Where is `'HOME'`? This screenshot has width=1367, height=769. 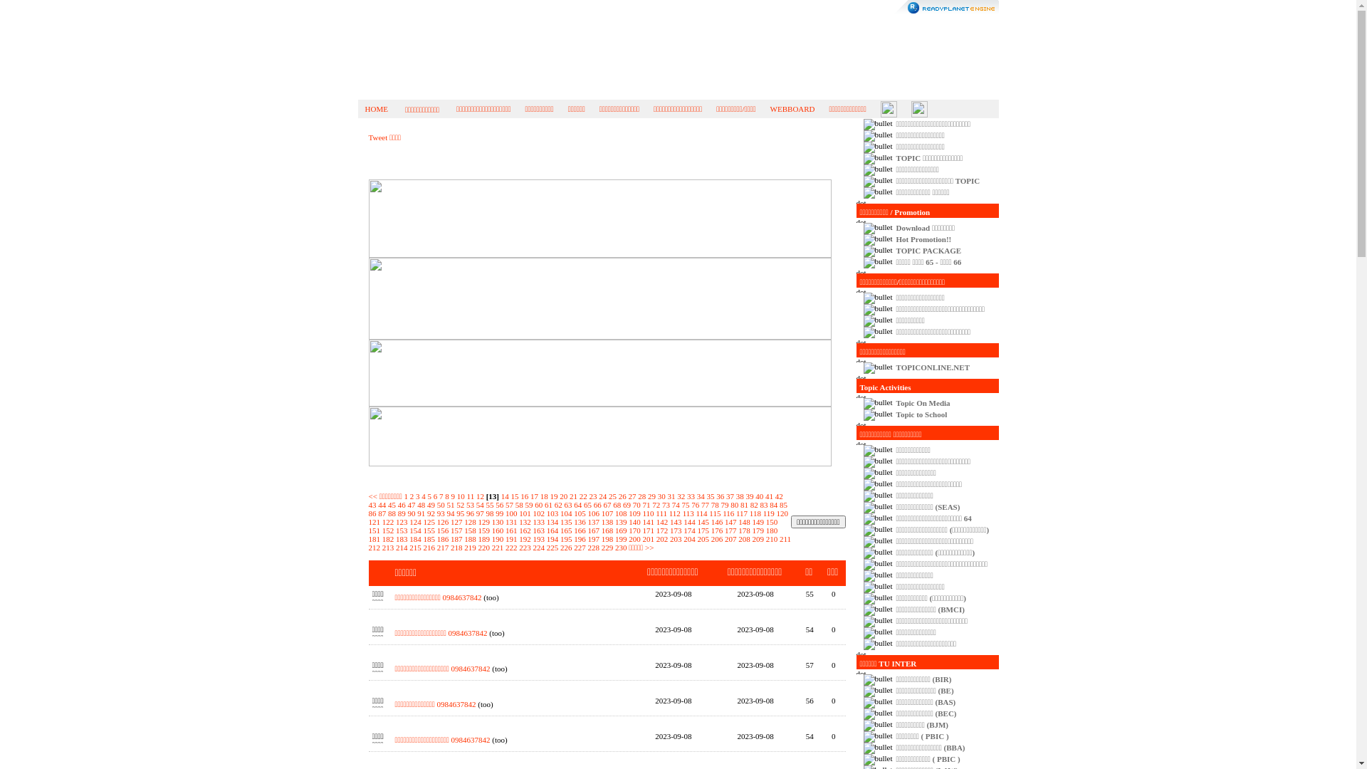
'HOME' is located at coordinates (376, 108).